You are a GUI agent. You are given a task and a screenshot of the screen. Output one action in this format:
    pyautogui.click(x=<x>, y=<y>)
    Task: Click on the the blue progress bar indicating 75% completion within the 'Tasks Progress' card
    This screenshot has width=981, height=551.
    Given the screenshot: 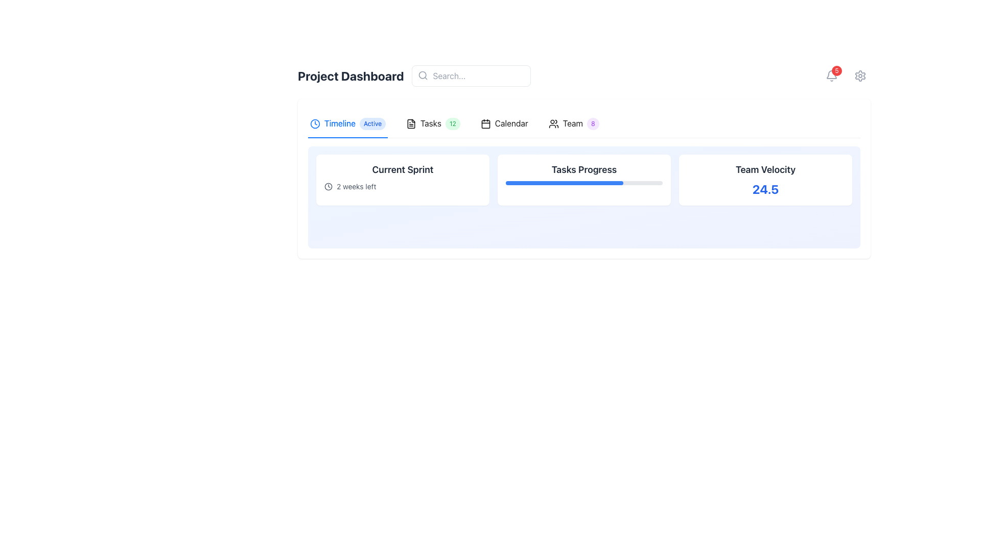 What is the action you would take?
    pyautogui.click(x=564, y=183)
    